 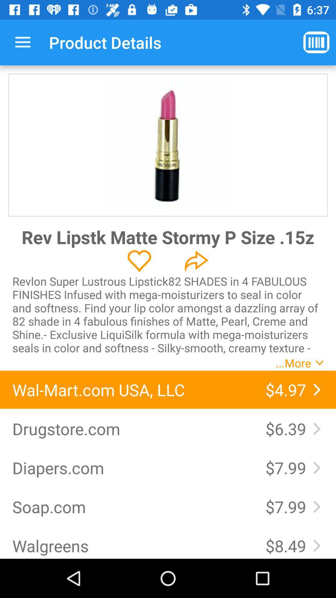 I want to click on icon next to the product details item, so click(x=316, y=42).